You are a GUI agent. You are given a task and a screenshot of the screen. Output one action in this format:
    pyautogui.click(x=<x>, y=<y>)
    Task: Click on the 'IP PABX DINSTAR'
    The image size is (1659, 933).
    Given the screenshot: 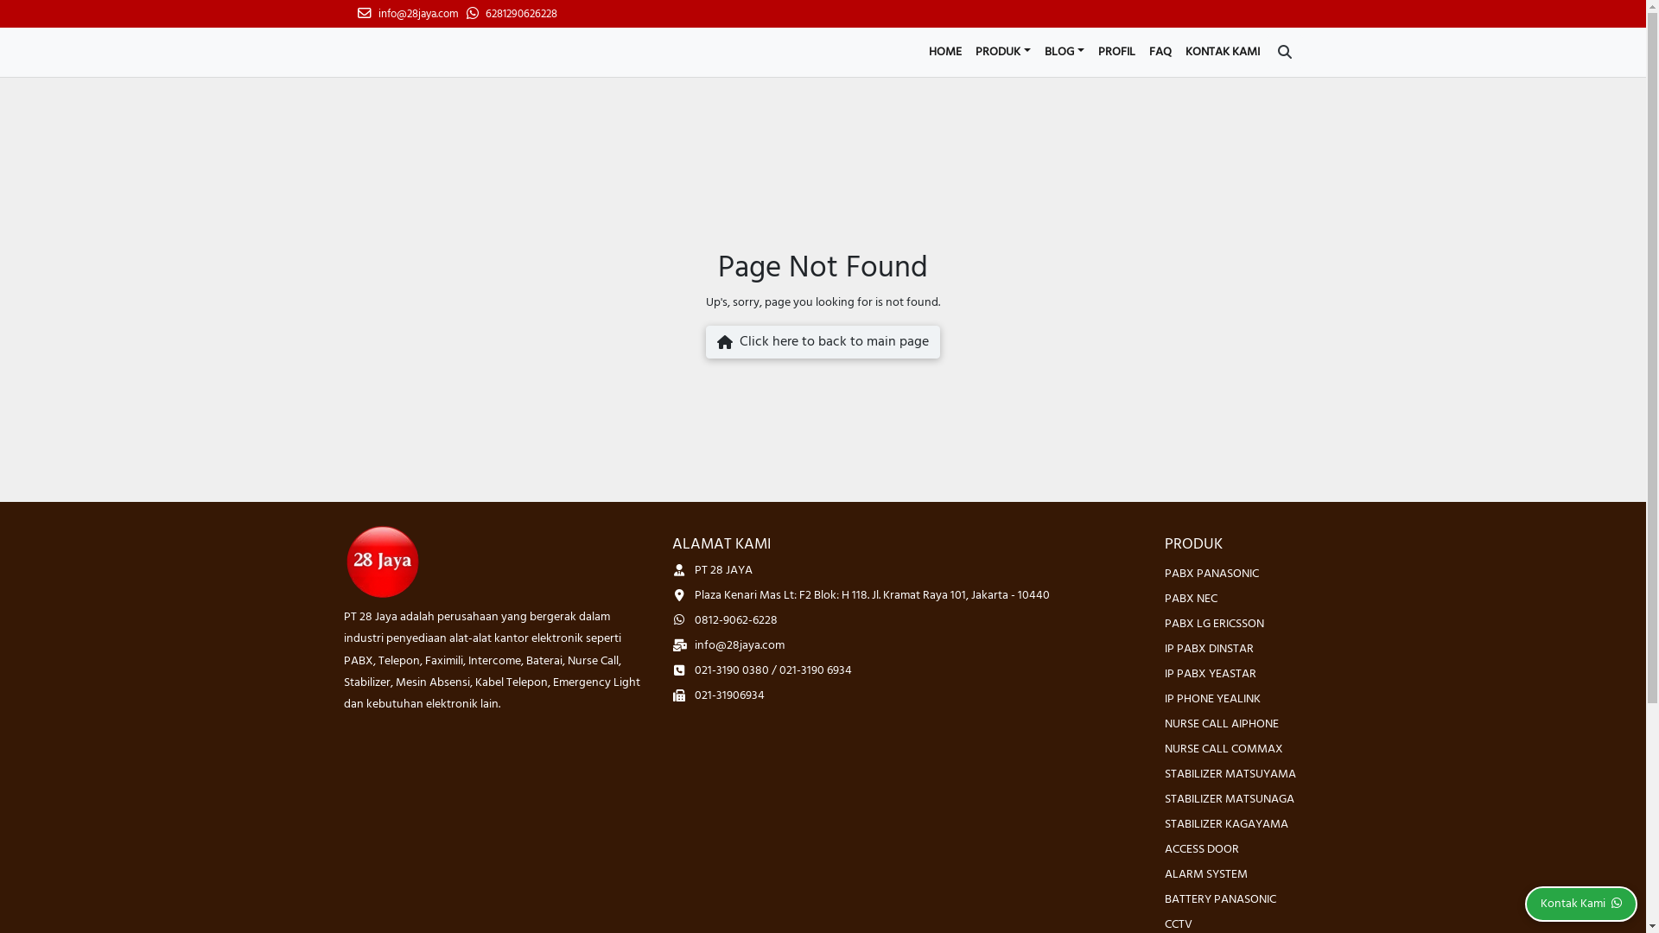 What is the action you would take?
    pyautogui.click(x=1208, y=649)
    